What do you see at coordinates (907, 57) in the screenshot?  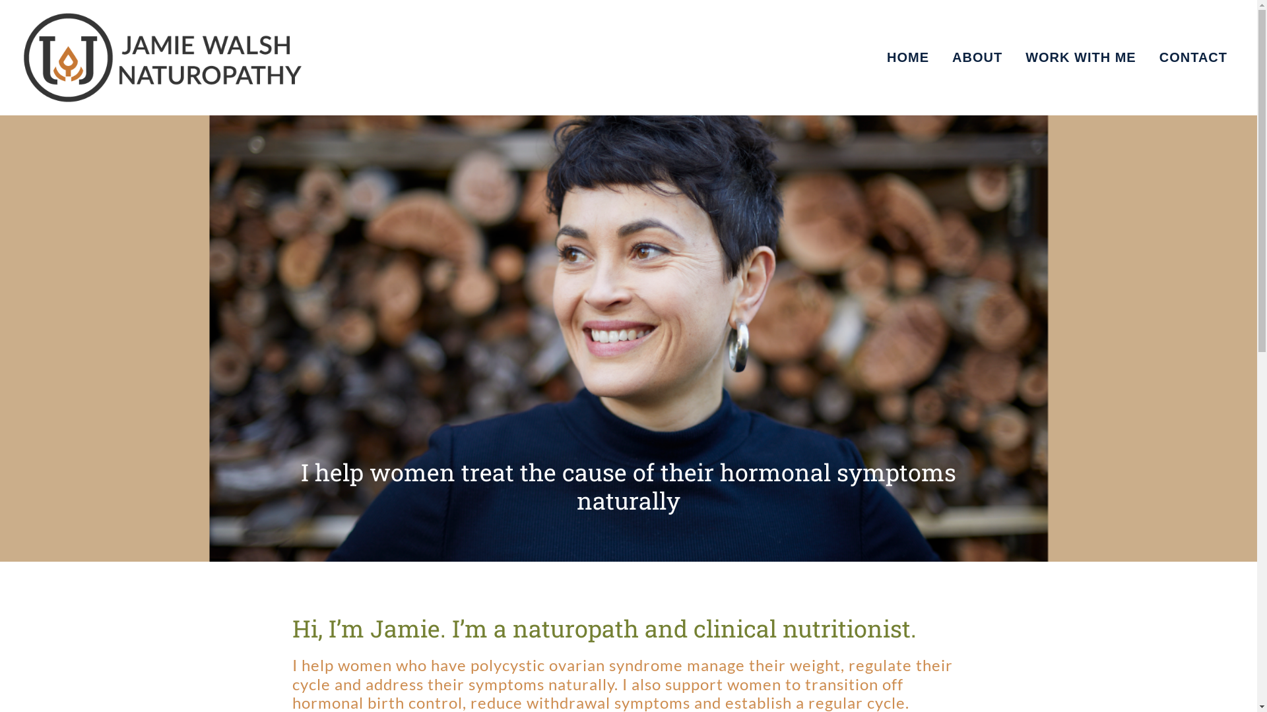 I see `'HOME'` at bounding box center [907, 57].